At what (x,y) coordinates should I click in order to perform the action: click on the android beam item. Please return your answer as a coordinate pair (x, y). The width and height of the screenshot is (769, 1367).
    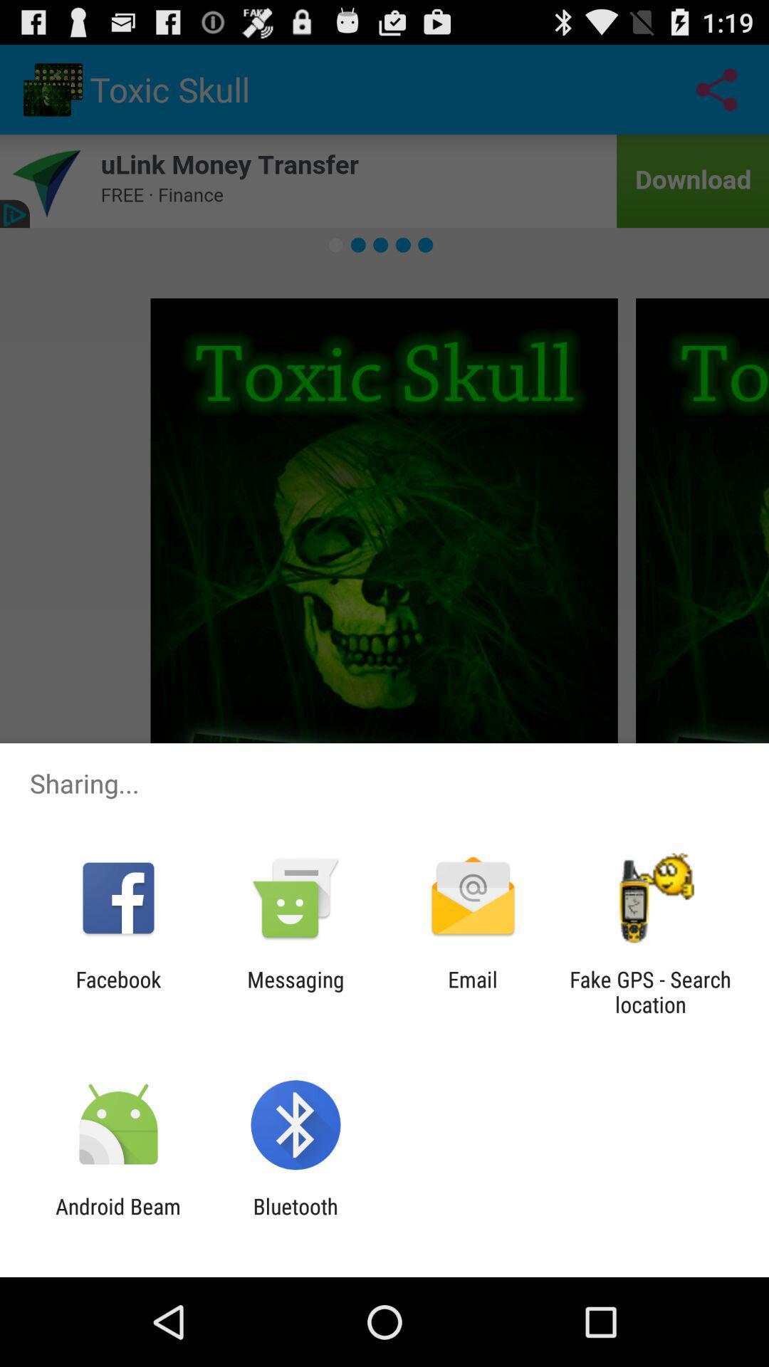
    Looking at the image, I should click on (117, 1218).